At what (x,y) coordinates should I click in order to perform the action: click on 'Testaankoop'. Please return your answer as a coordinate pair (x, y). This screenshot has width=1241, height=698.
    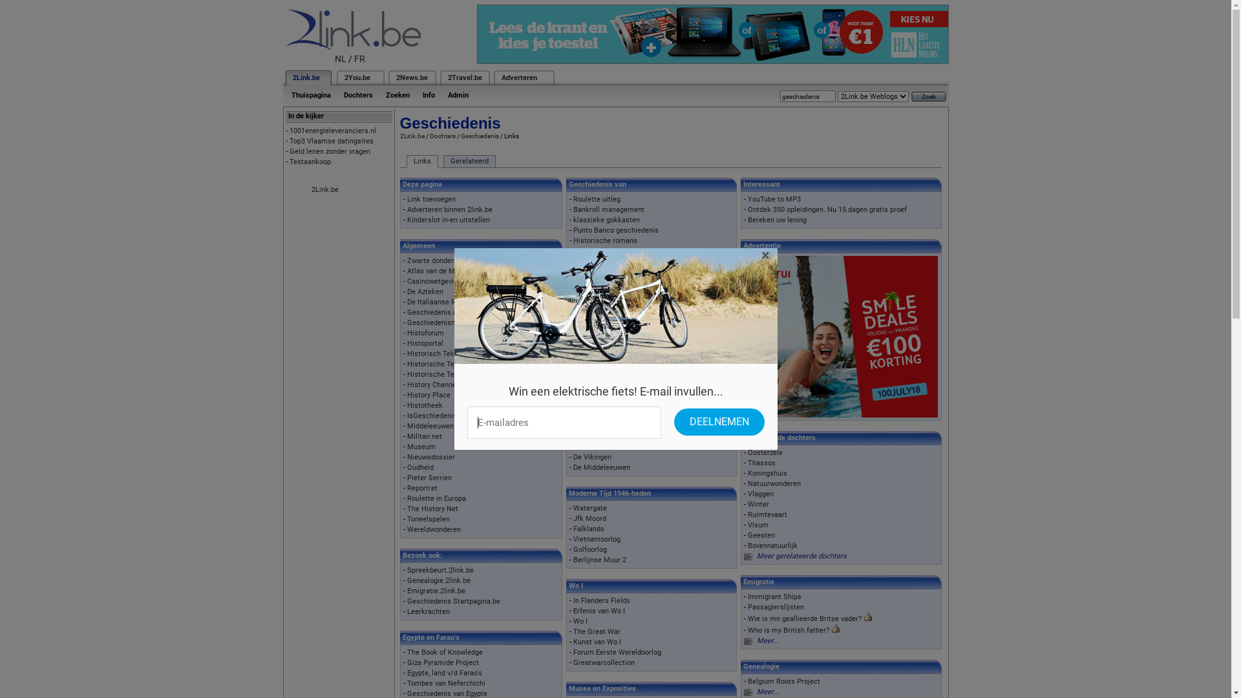
    Looking at the image, I should click on (310, 161).